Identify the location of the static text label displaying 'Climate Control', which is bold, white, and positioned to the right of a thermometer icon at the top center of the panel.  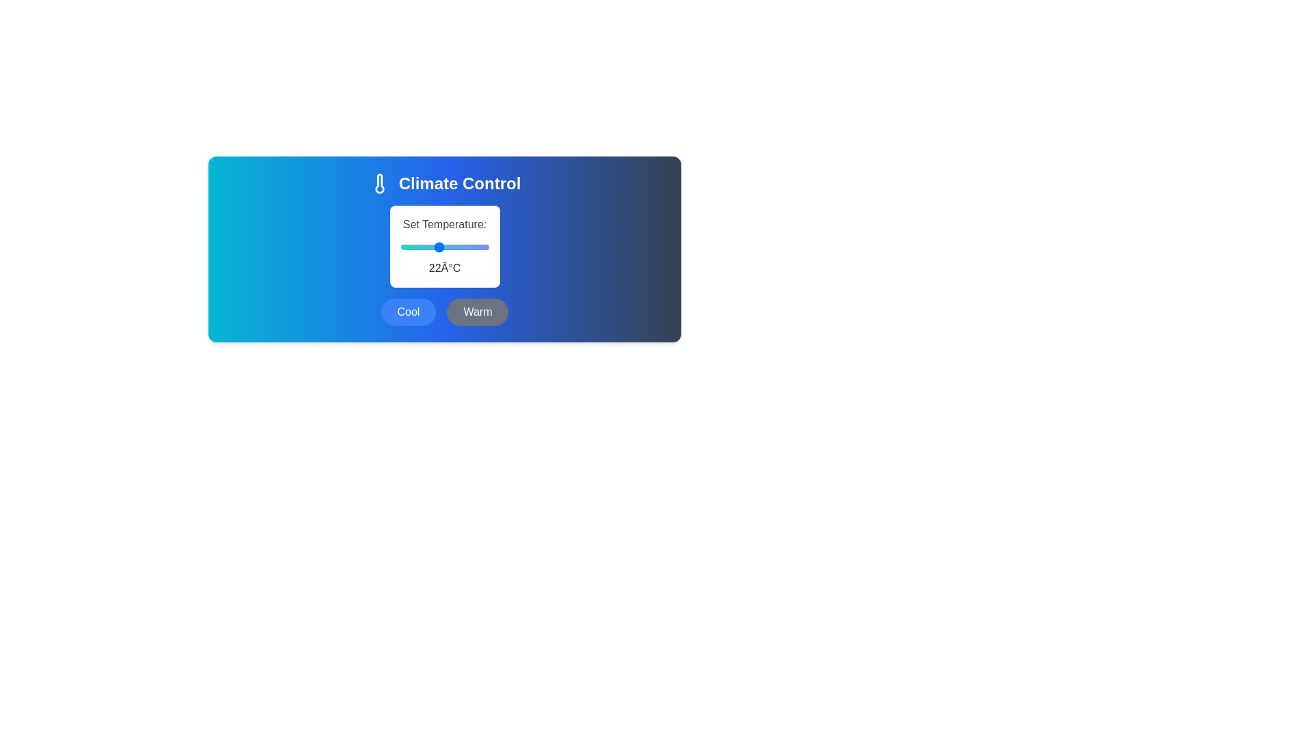
(459, 183).